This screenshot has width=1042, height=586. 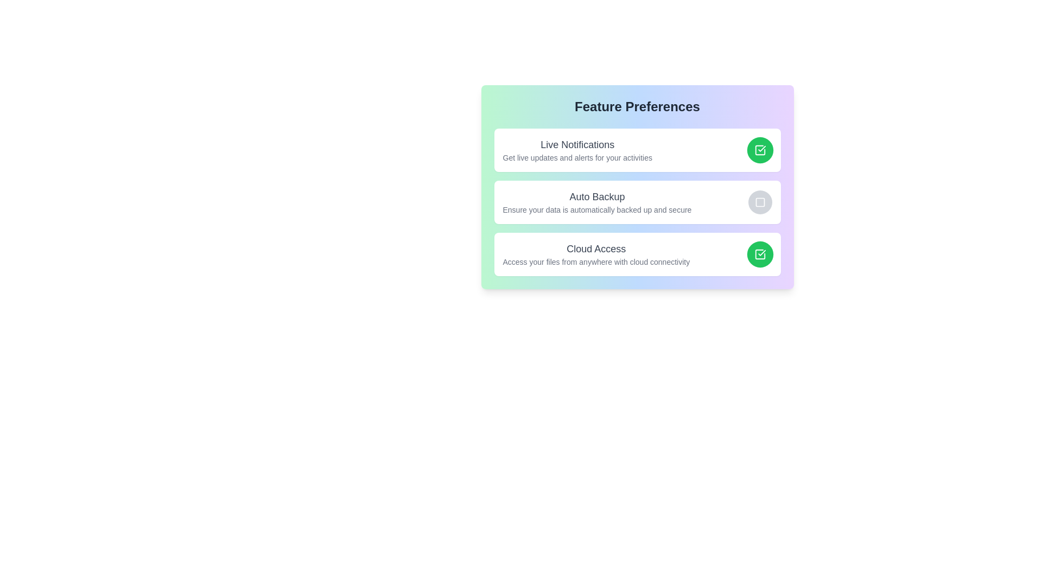 What do you see at coordinates (759, 202) in the screenshot?
I see `the Auto Backup icon, which is positioned on the right side of the descriptive text and indicates the status of the Auto Backup feature` at bounding box center [759, 202].